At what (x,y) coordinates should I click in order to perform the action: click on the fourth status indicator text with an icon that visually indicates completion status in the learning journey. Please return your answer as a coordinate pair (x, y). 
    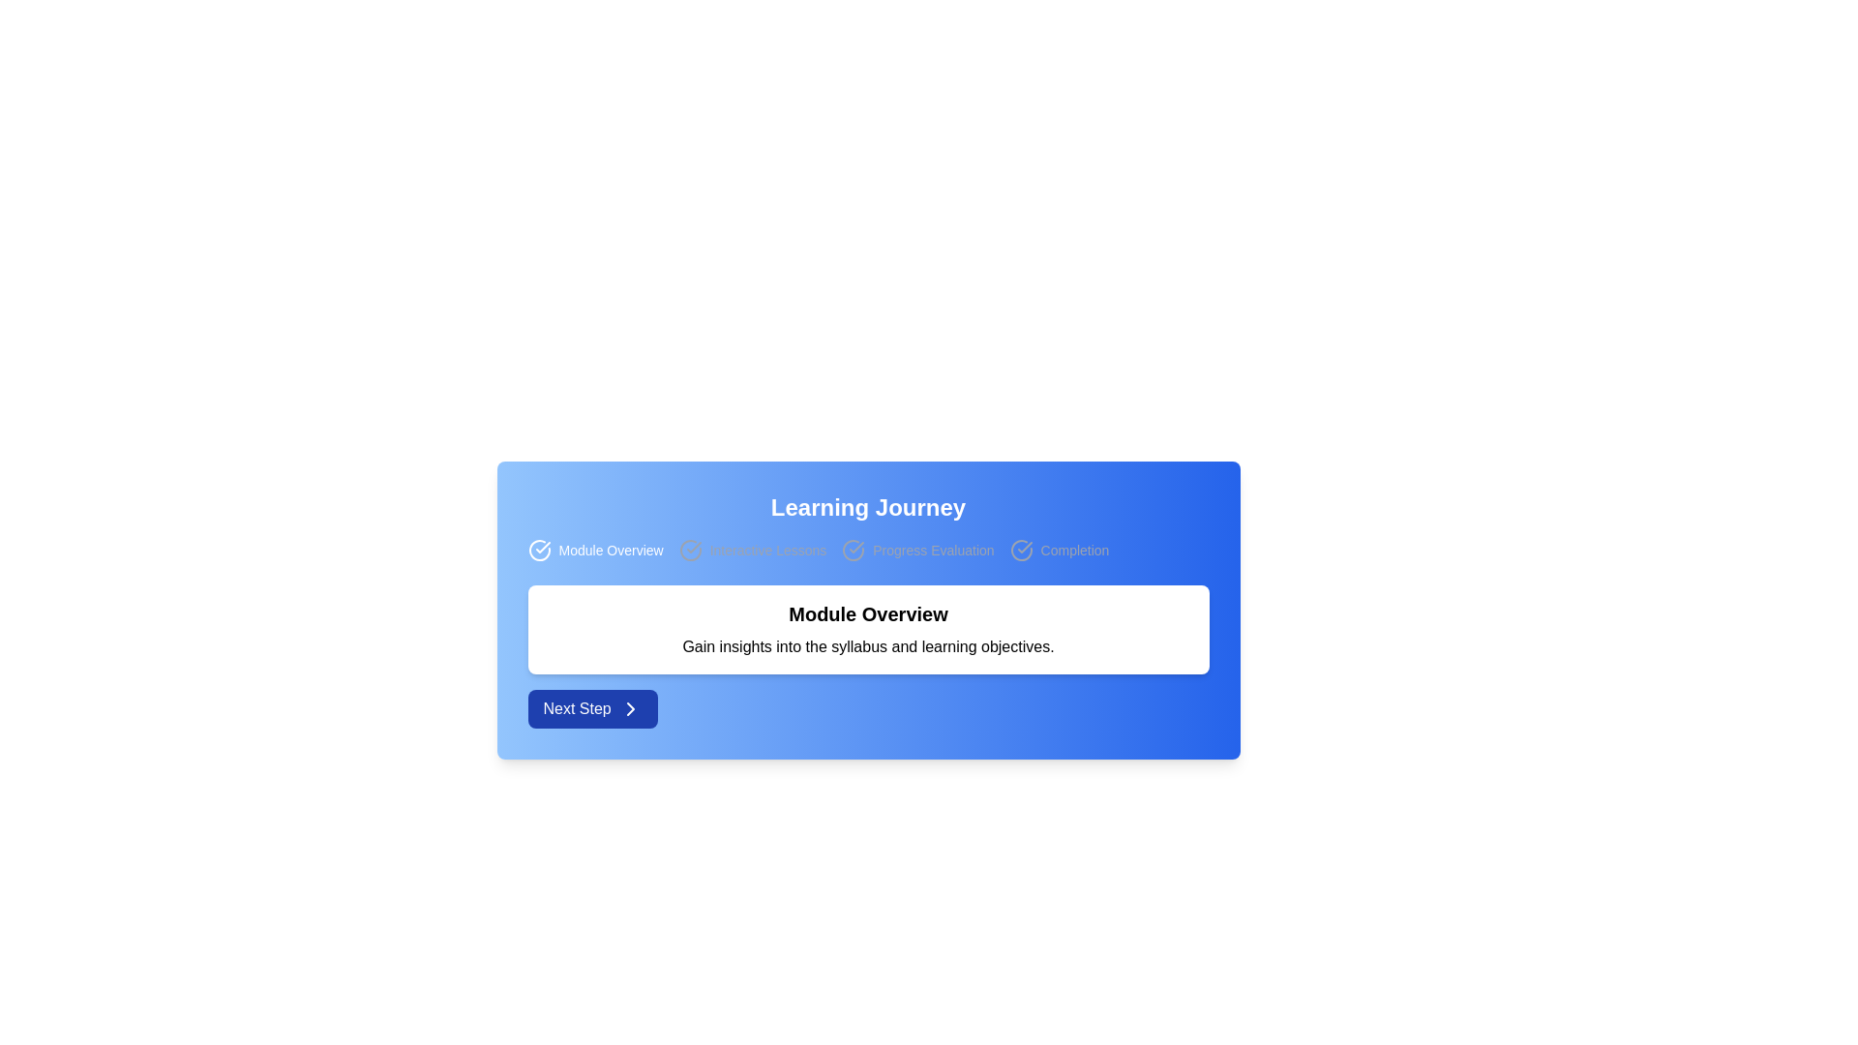
    Looking at the image, I should click on (1058, 551).